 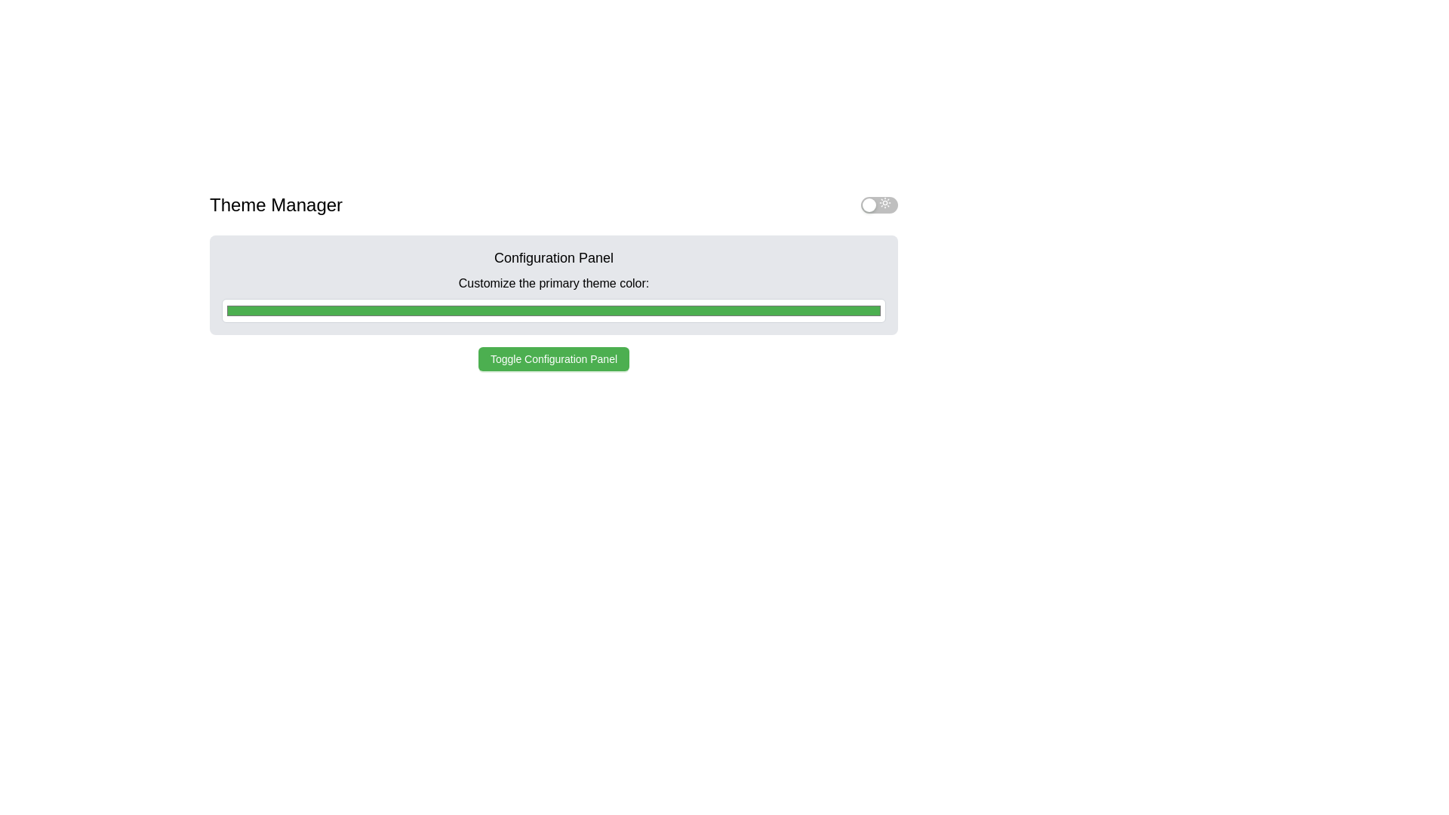 I want to click on the heading 'Configuration Panel' which is displayed in larger font size with a gray background, indicating its importance and located at the top of the section, so click(x=553, y=257).